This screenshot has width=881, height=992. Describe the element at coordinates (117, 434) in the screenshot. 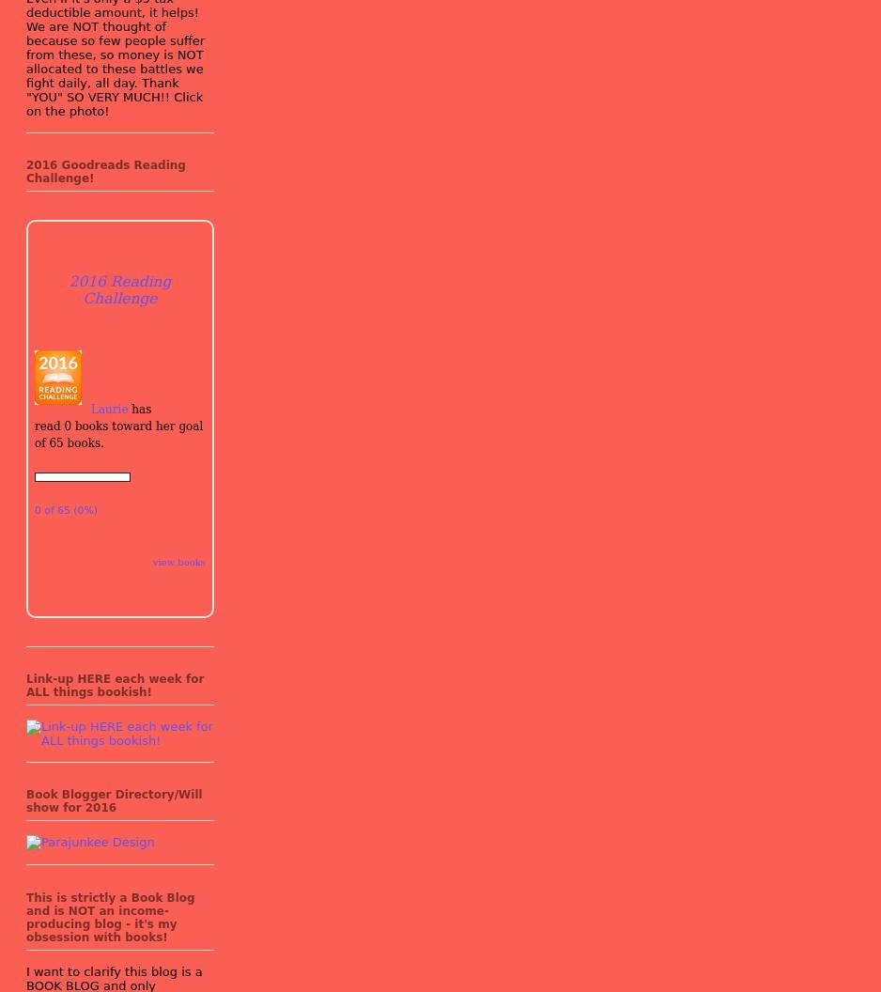

I see `'read 0 books toward her goal of 65 books.'` at that location.